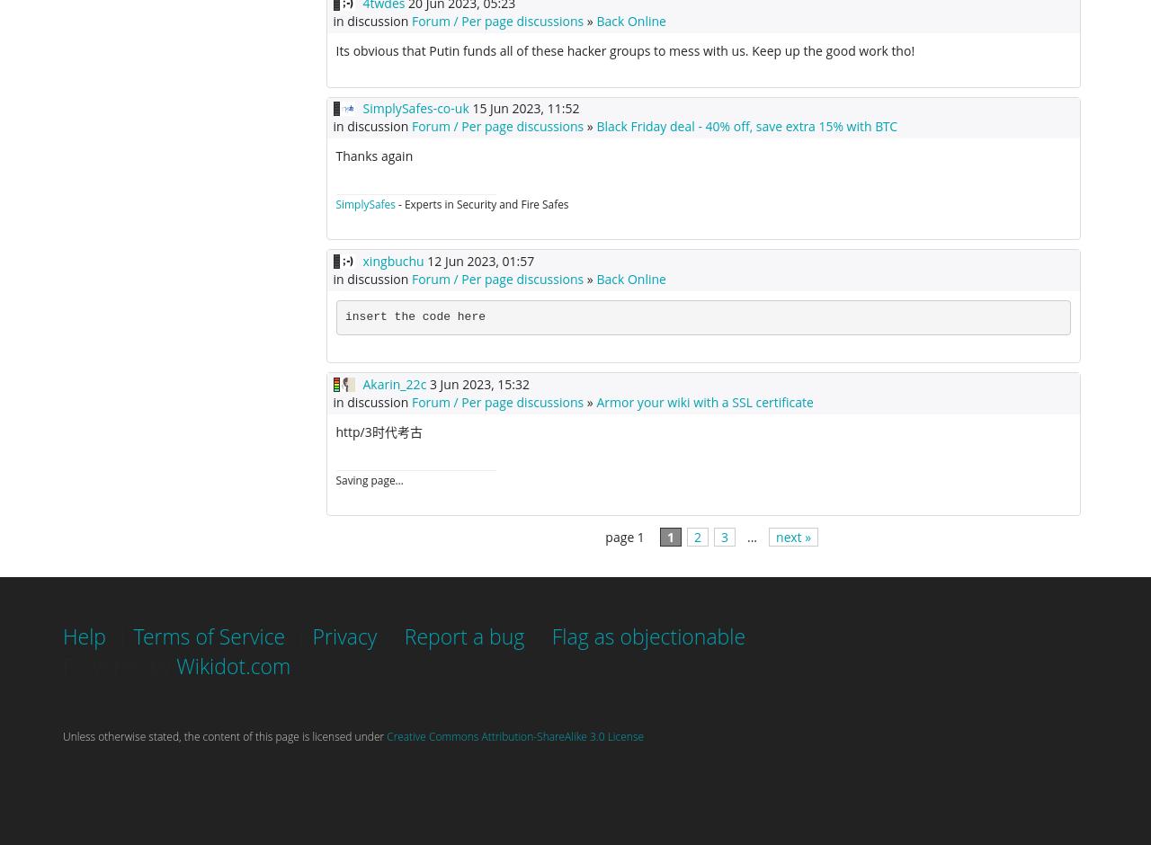  Describe the element at coordinates (391, 259) in the screenshot. I see `'xingbuchu'` at that location.